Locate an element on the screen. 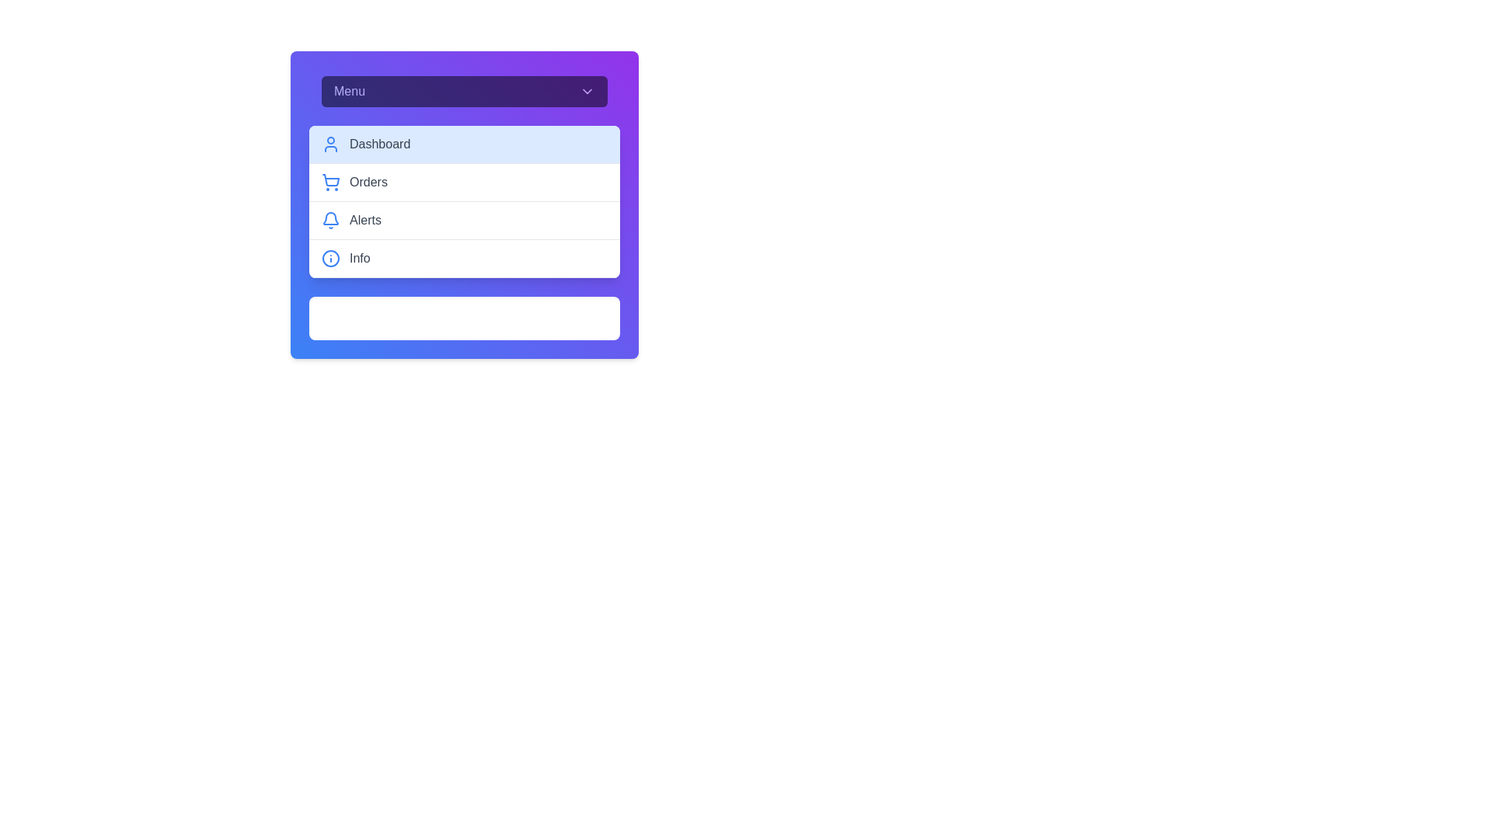  the chevron-down icon located at the far-right of the header bar in the dropdown menu interface to visually highlight it is located at coordinates (586, 92).